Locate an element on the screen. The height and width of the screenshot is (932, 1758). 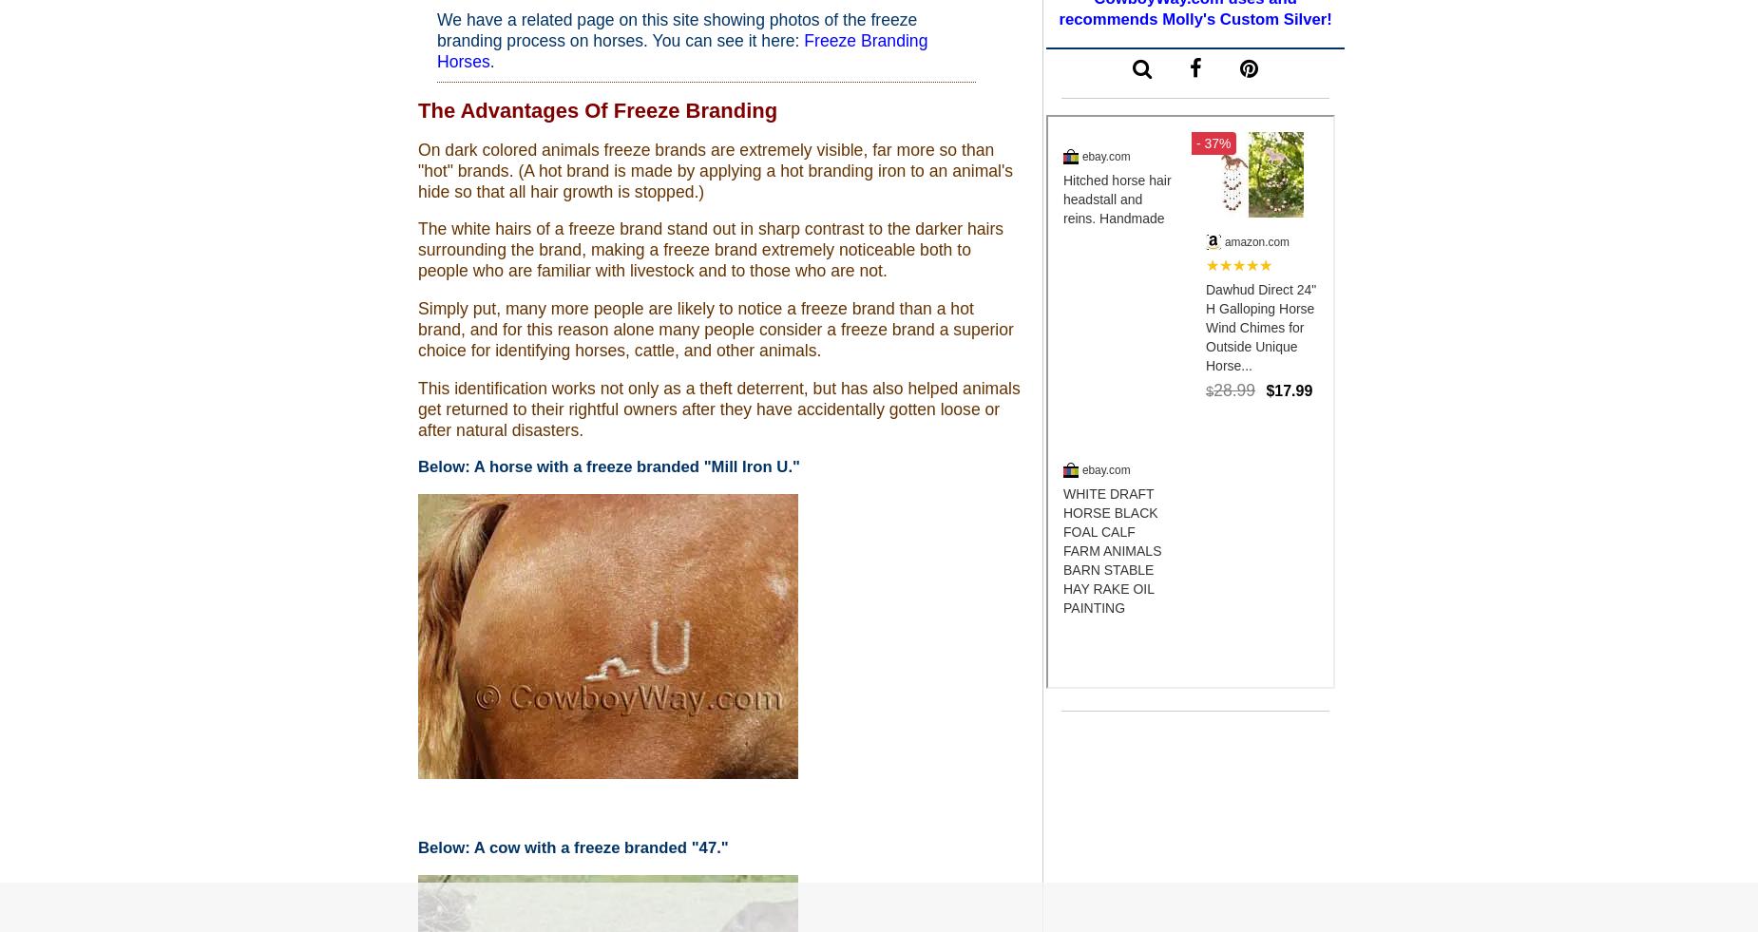
'Simply put, many more people are likely to notice a freeze brand than a hot brand, and
for this reason alone many people consider a freeze brand a superior choice for
identifying horses, cattle, and other animals.' is located at coordinates (416, 328).